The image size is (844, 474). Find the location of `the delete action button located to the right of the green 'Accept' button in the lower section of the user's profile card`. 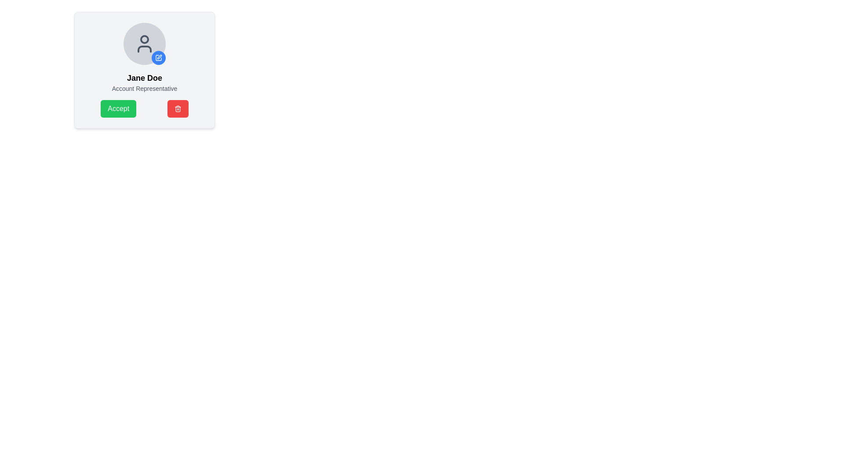

the delete action button located to the right of the green 'Accept' button in the lower section of the user's profile card is located at coordinates (177, 108).